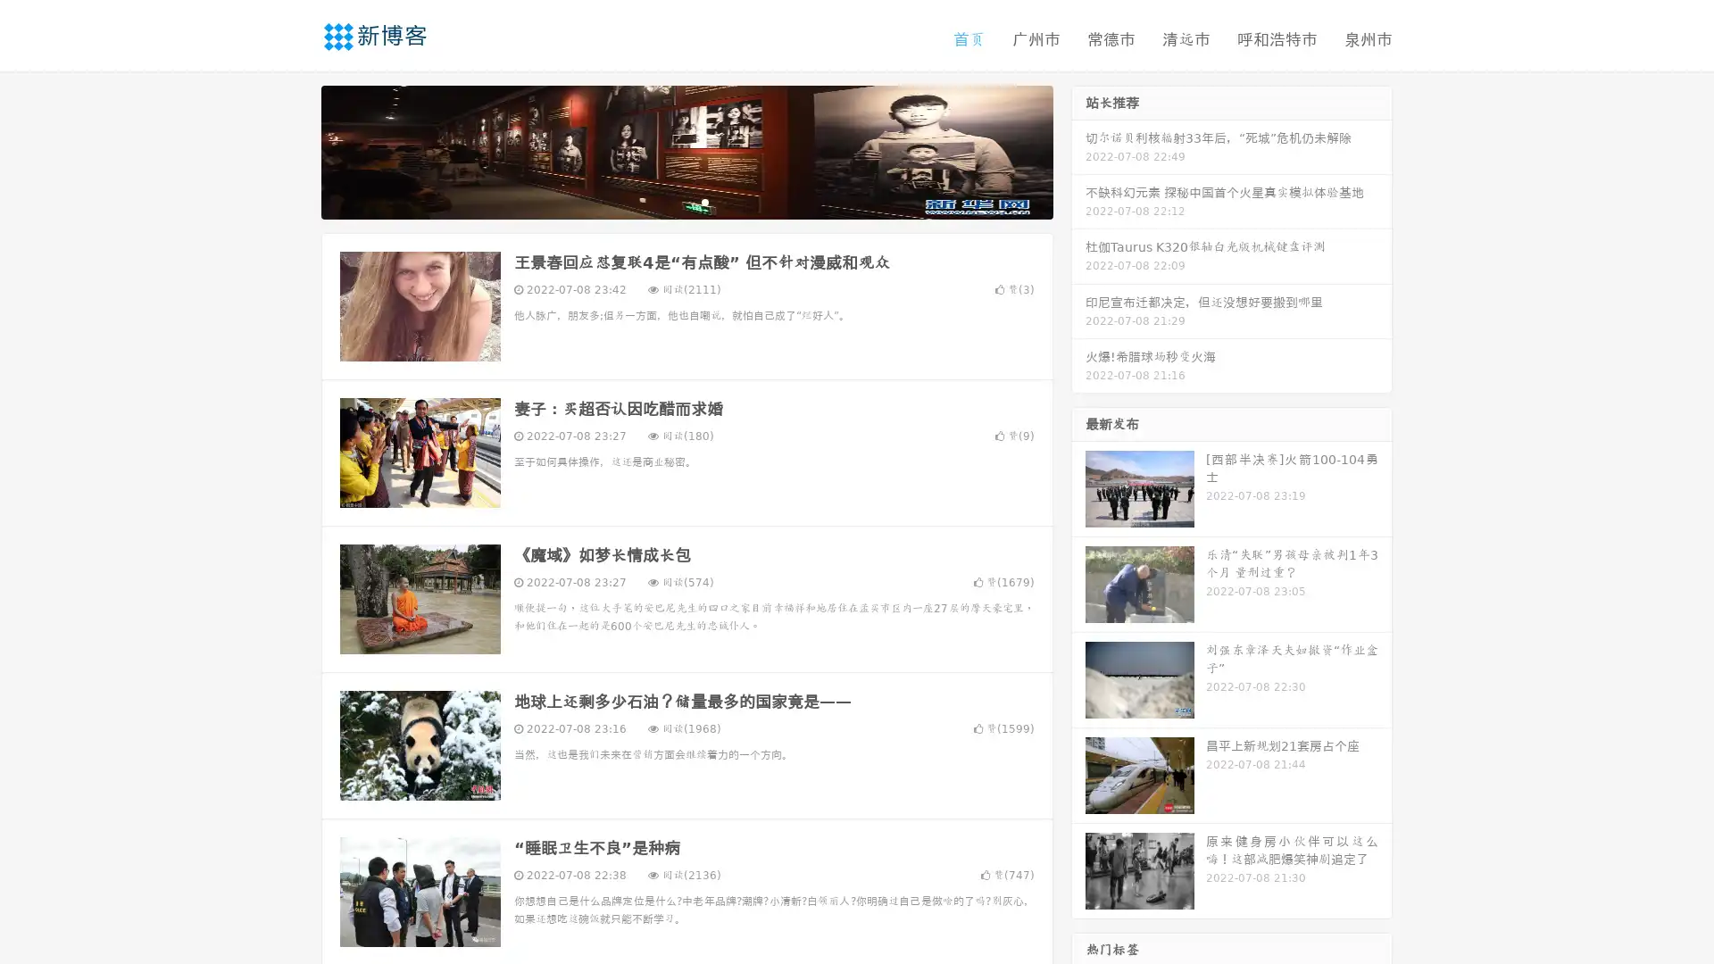 This screenshot has height=964, width=1714. What do you see at coordinates (295, 150) in the screenshot?
I see `Previous slide` at bounding box center [295, 150].